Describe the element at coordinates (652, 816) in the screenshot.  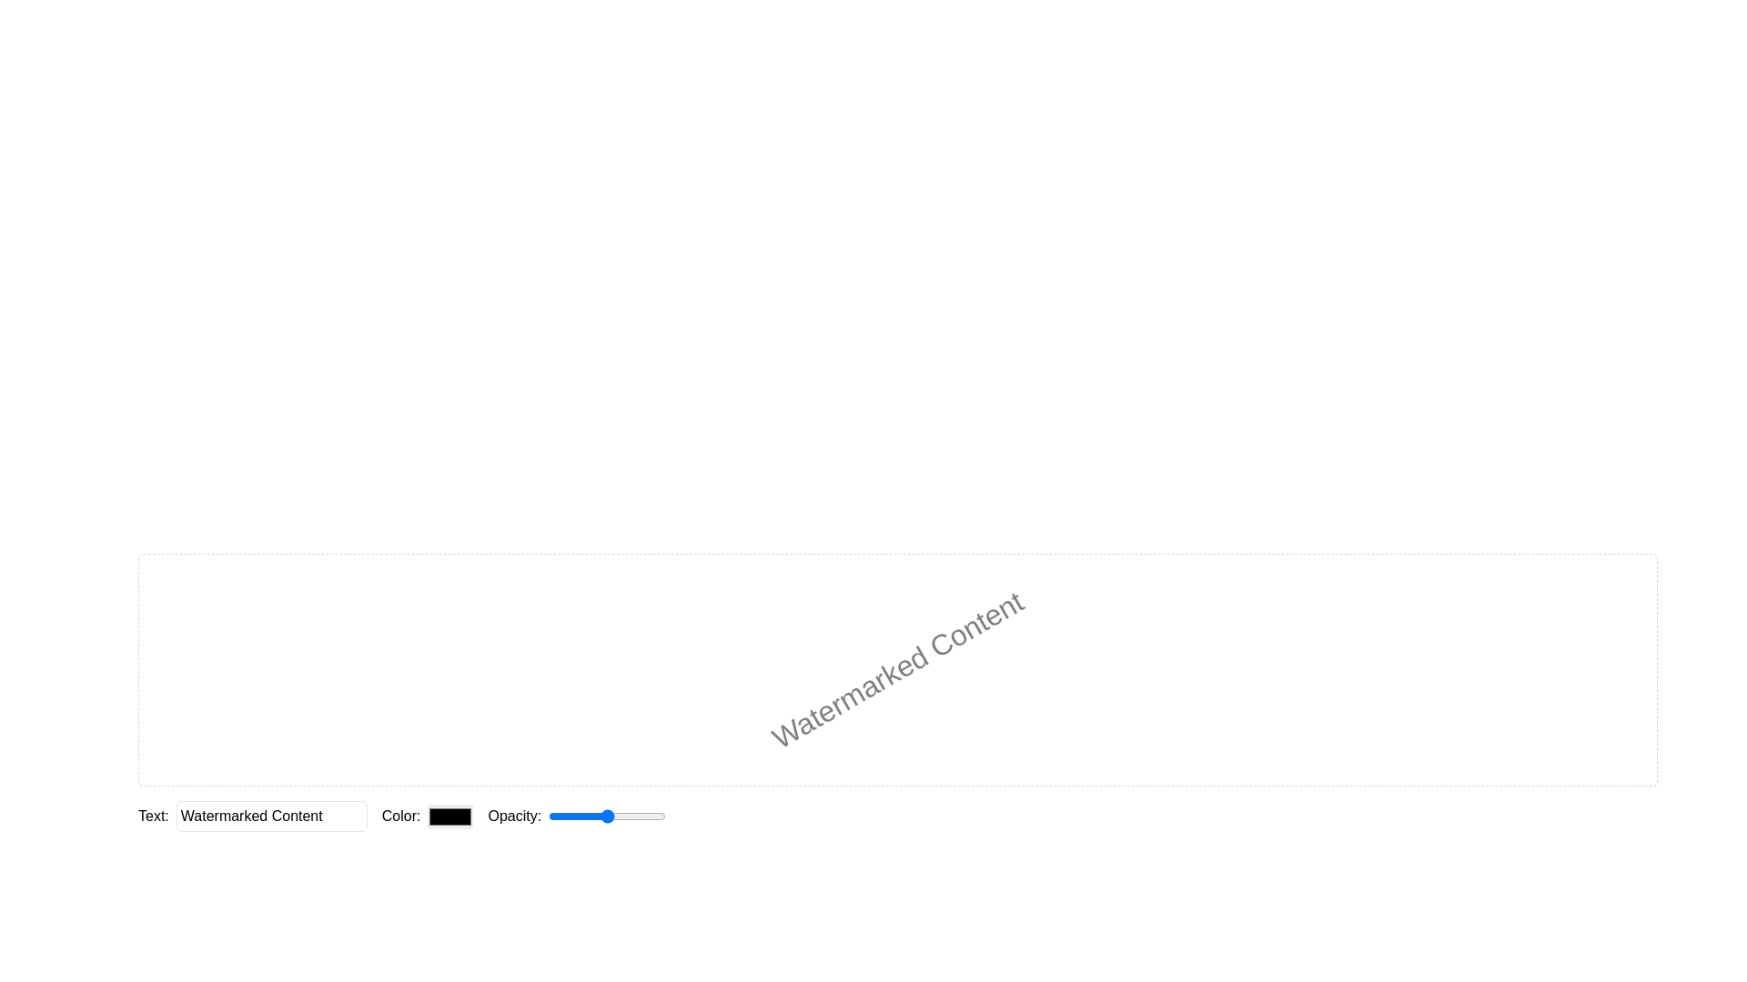
I see `the opacity value` at that location.